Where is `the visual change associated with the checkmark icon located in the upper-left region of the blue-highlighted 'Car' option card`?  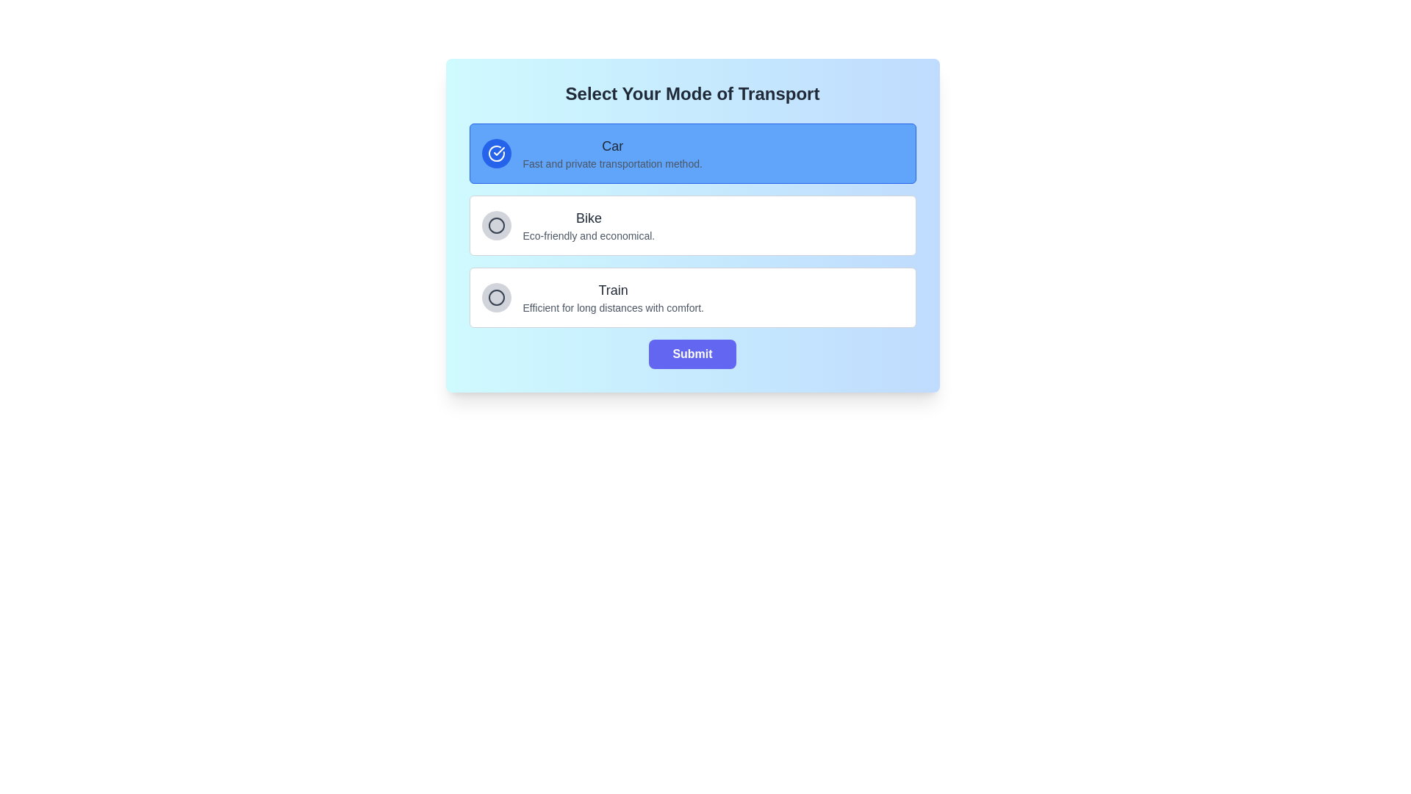
the visual change associated with the checkmark icon located in the upper-left region of the blue-highlighted 'Car' option card is located at coordinates (496, 153).